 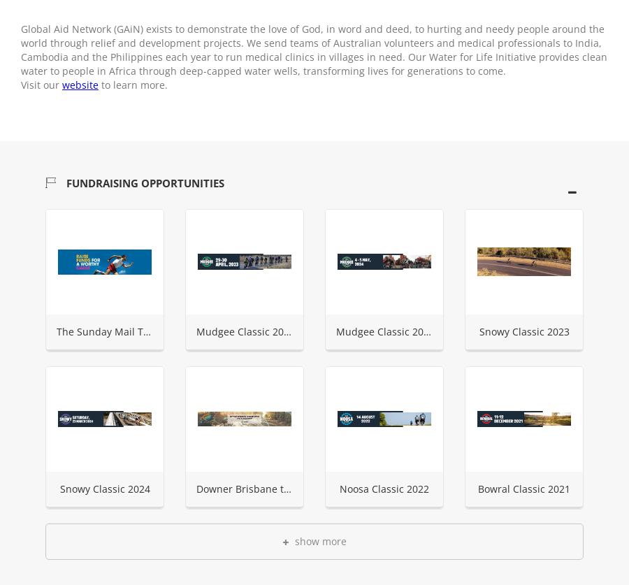 What do you see at coordinates (319, 540) in the screenshot?
I see `'show more'` at bounding box center [319, 540].